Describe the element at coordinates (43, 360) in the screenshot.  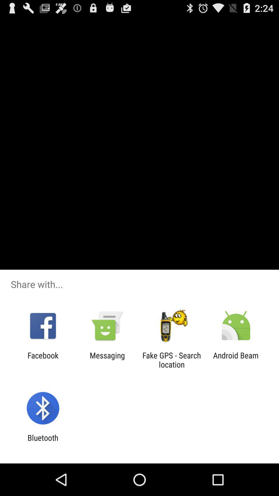
I see `icon next to messaging icon` at that location.